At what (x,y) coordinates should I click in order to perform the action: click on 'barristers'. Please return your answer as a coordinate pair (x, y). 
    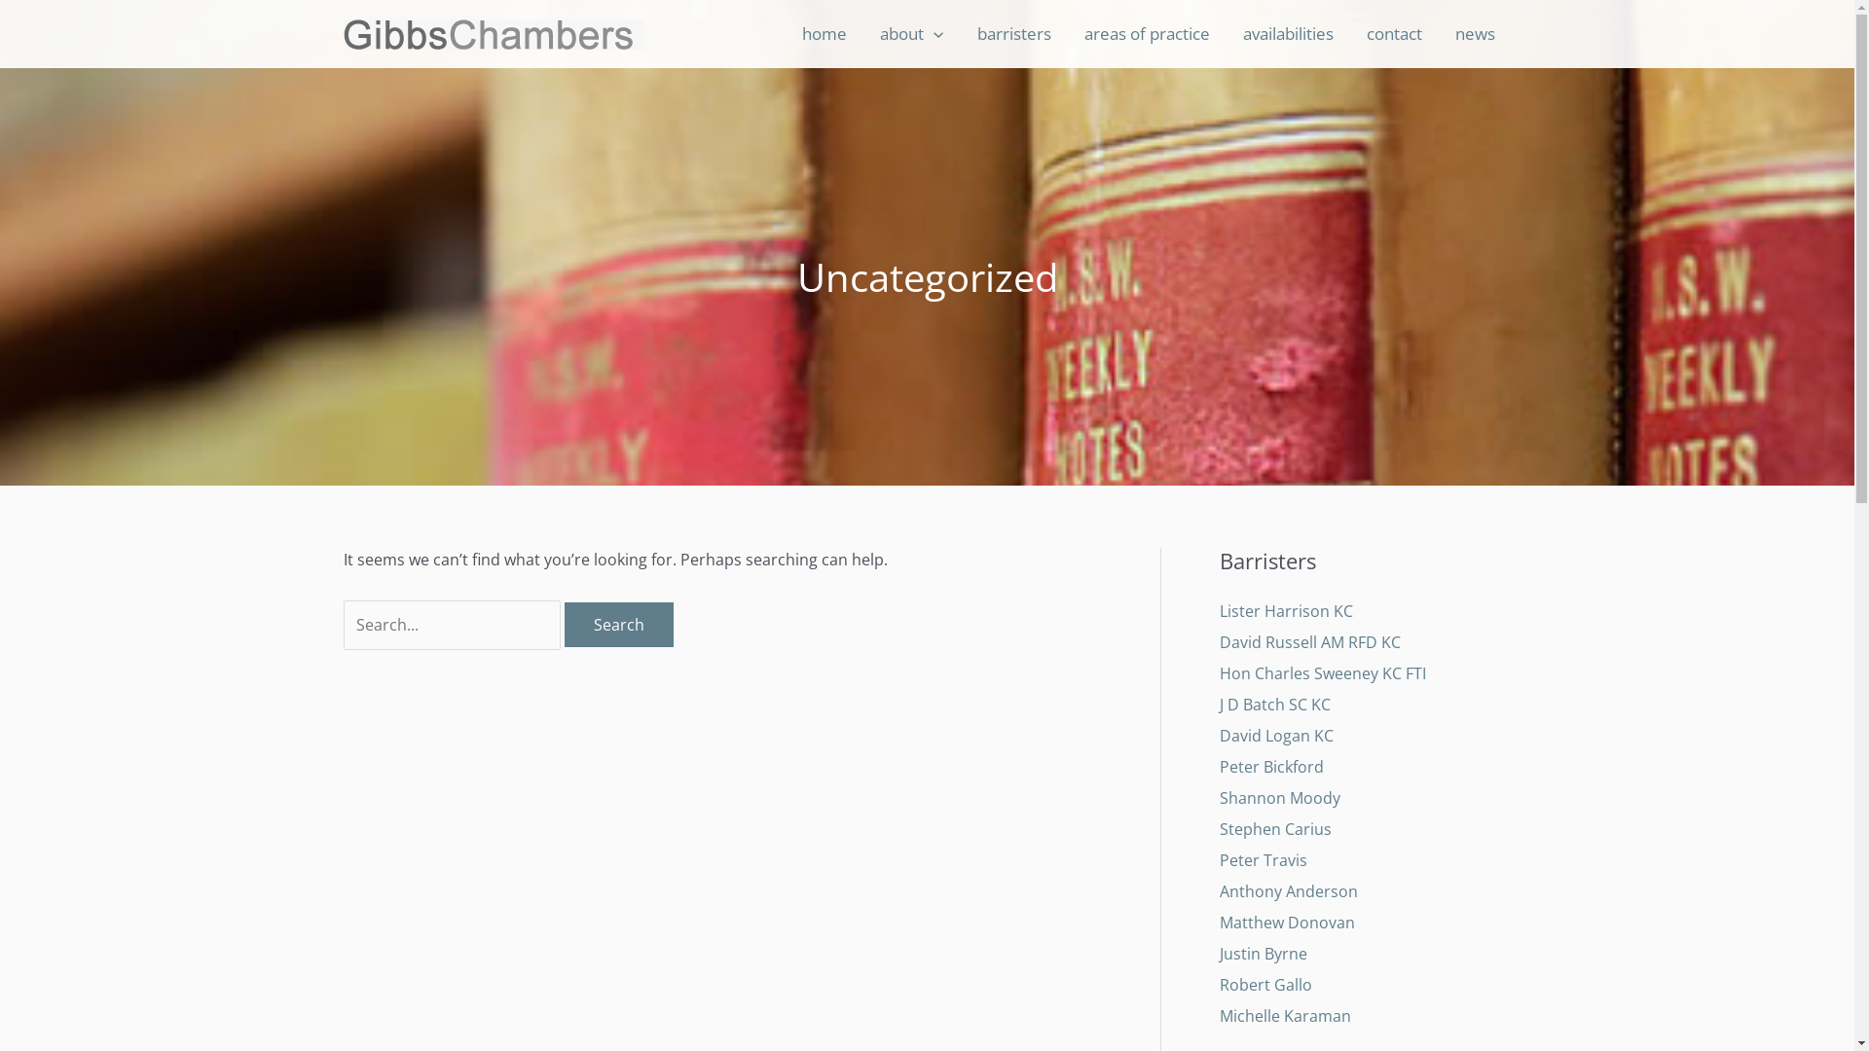
    Looking at the image, I should click on (959, 33).